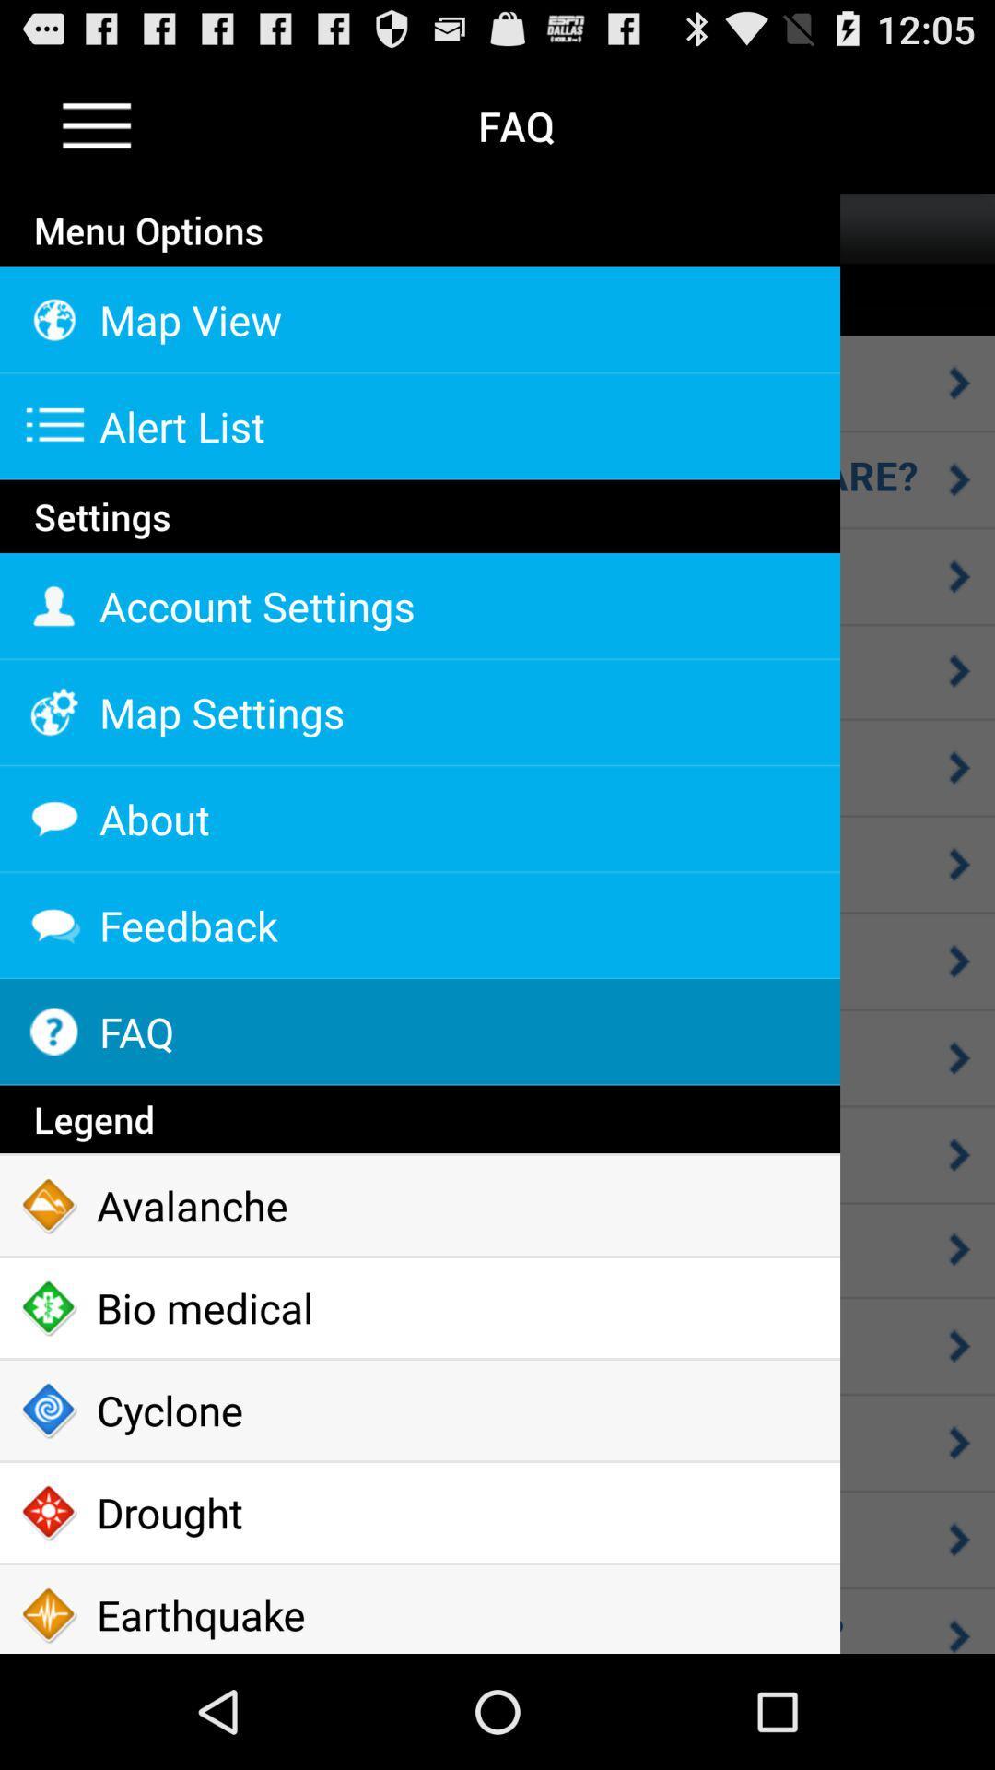 This screenshot has height=1770, width=995. Describe the element at coordinates (419, 712) in the screenshot. I see `map settings item` at that location.